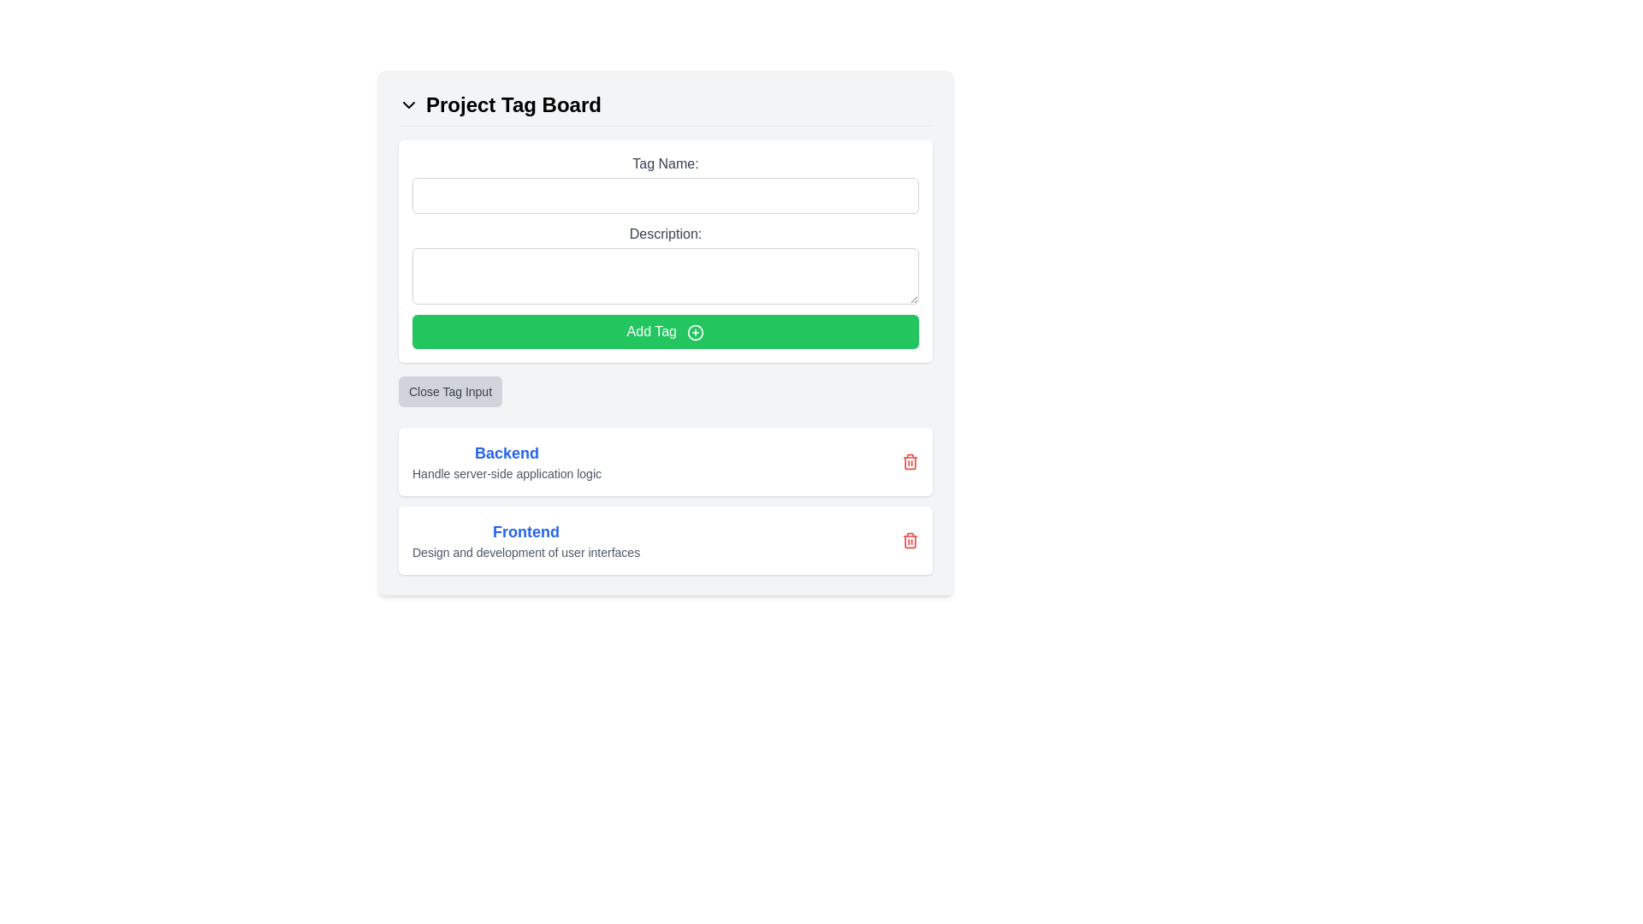  What do you see at coordinates (910, 541) in the screenshot?
I see `the trash can icon, which serves as a visual indicator for deleting the corresponding list item labeled 'Frontend'` at bounding box center [910, 541].